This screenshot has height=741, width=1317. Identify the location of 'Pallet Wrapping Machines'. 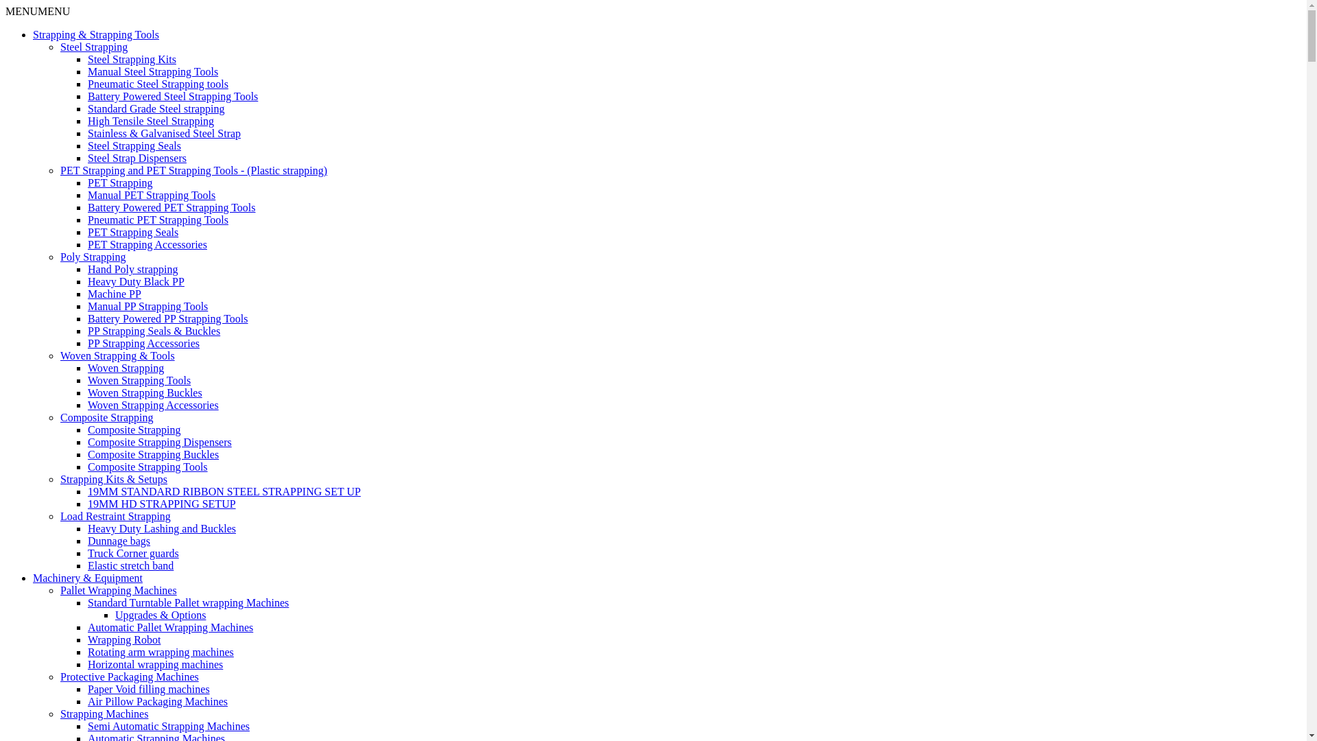
(59, 589).